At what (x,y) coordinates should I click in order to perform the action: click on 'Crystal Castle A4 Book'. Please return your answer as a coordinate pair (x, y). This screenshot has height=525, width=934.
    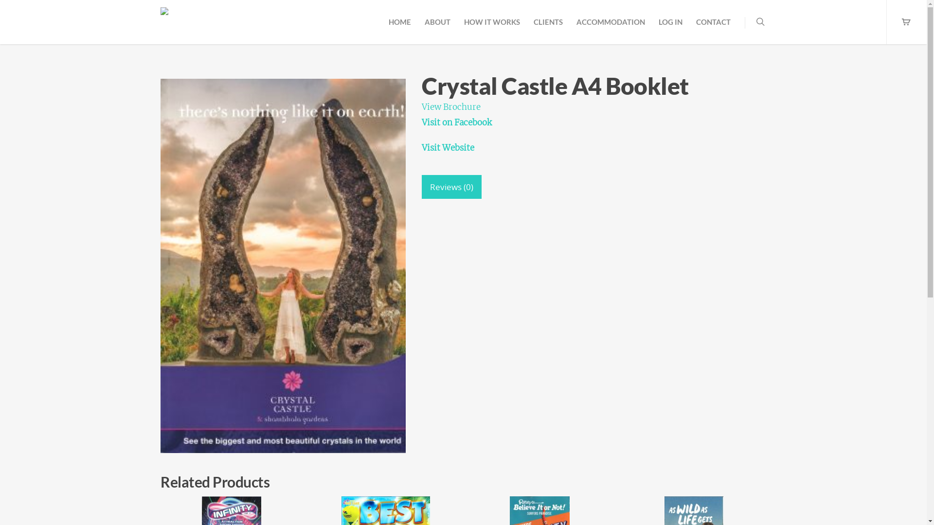
    Looking at the image, I should click on (282, 266).